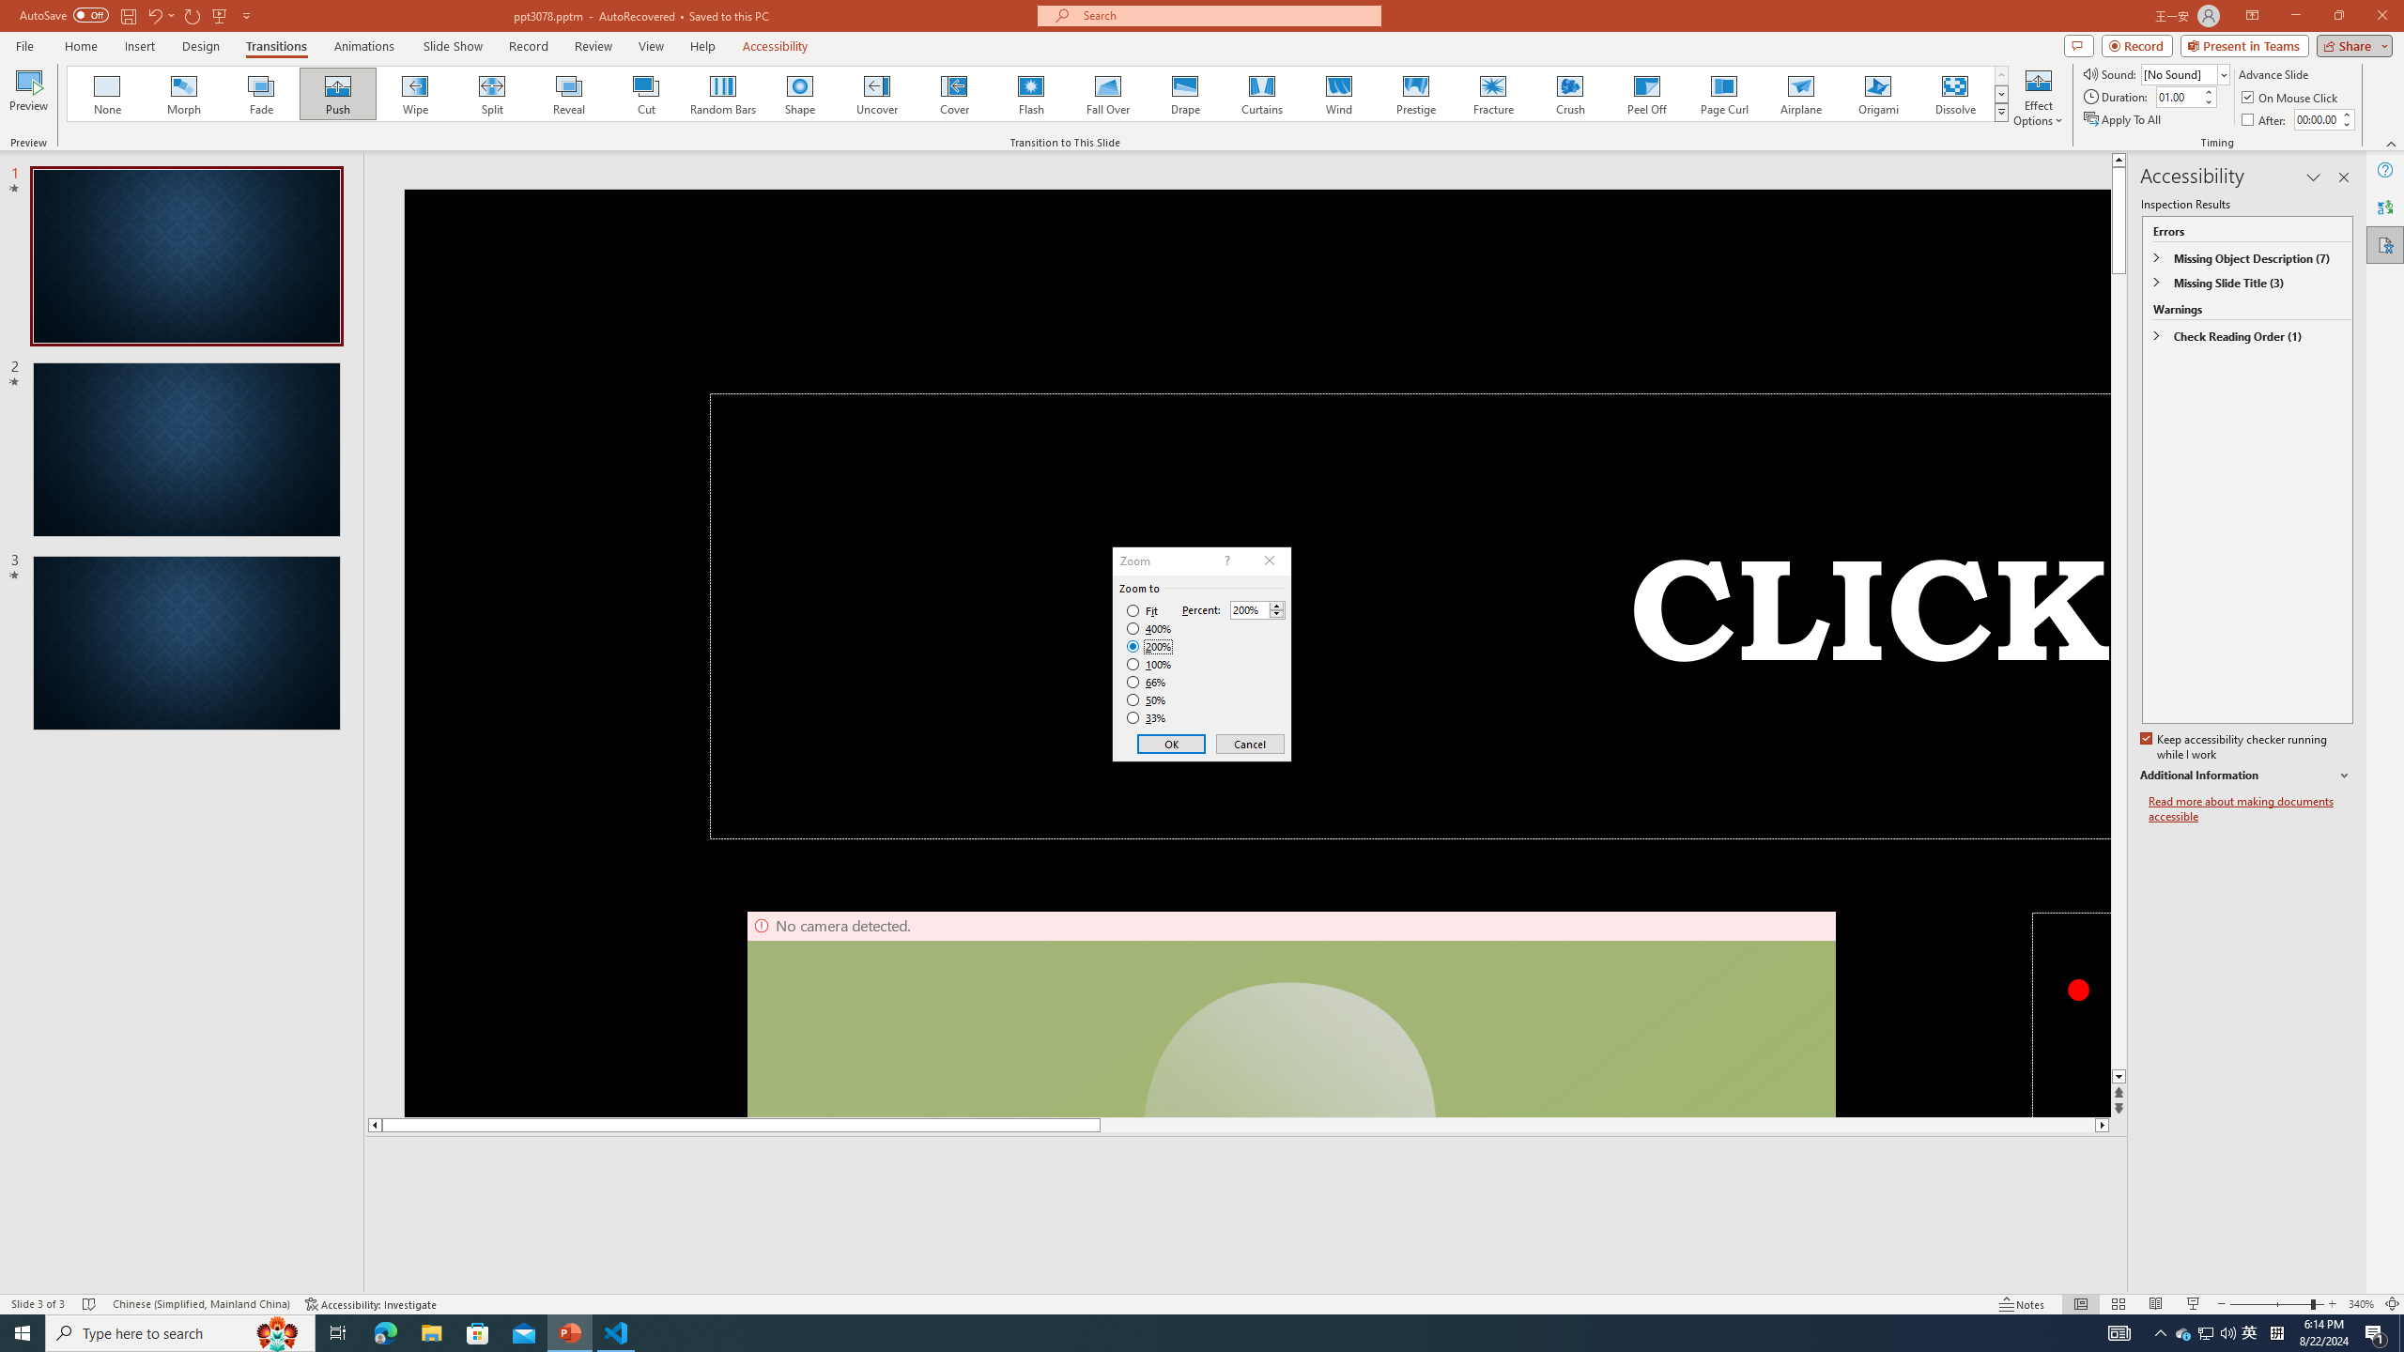  What do you see at coordinates (2289, 97) in the screenshot?
I see `'On Mouse Click'` at bounding box center [2289, 97].